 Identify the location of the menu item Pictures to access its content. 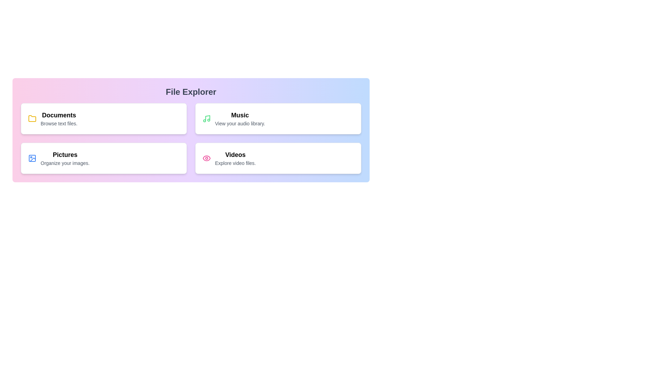
(103, 158).